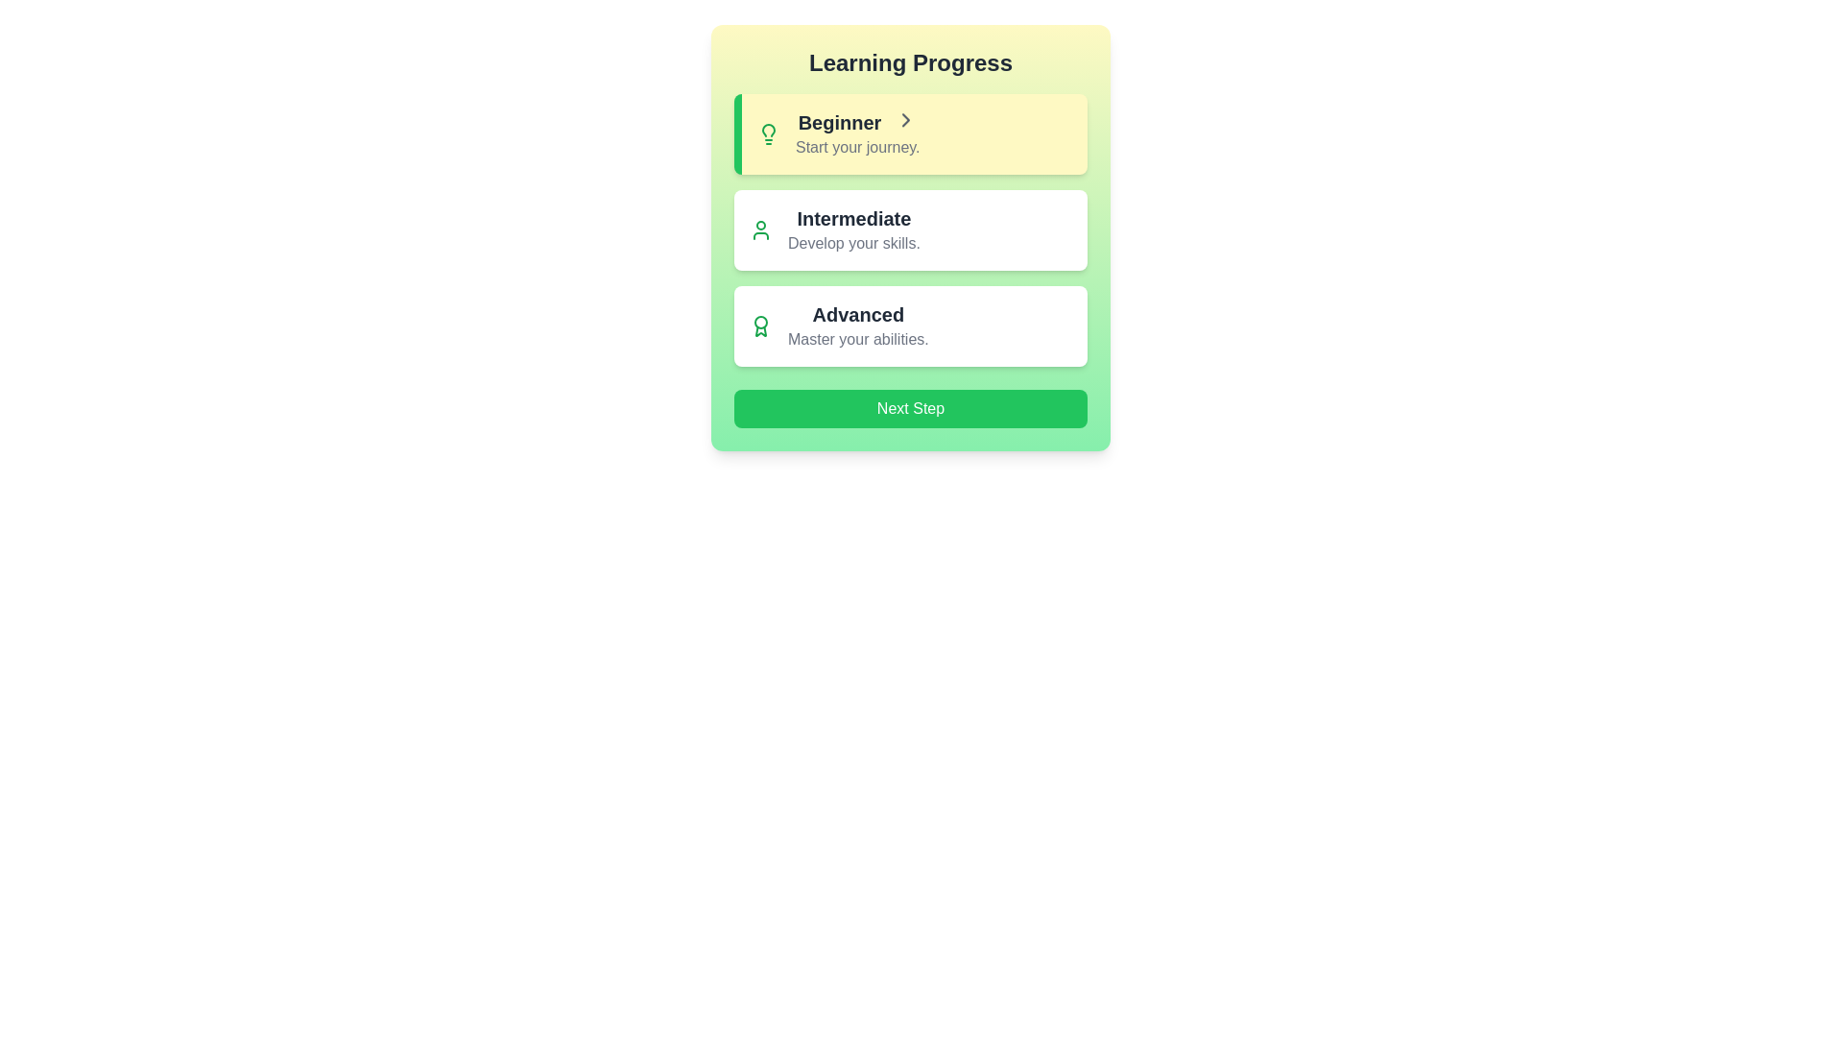 The height and width of the screenshot is (1037, 1843). What do you see at coordinates (769, 133) in the screenshot?
I see `the lightbulb icon styled in green, located within the 'Beginner' card that indicates the start of the learning journey` at bounding box center [769, 133].